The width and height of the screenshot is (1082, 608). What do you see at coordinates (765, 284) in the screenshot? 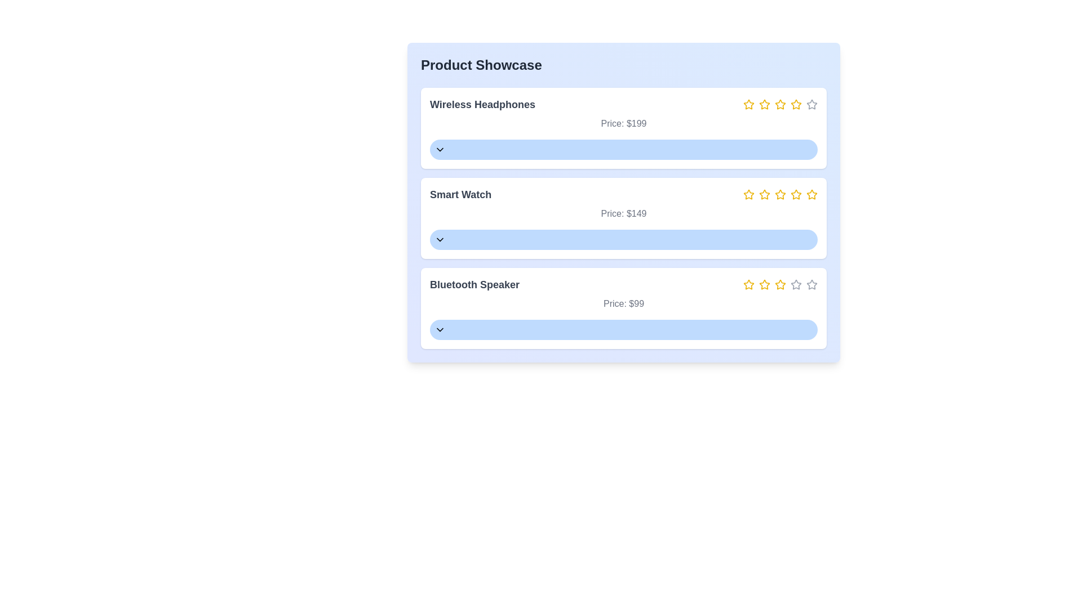
I see `the second star icon in the 5-star rating system for the 'Bluetooth Speaker' product card, which is styled with a yellow outline and no fill` at bounding box center [765, 284].